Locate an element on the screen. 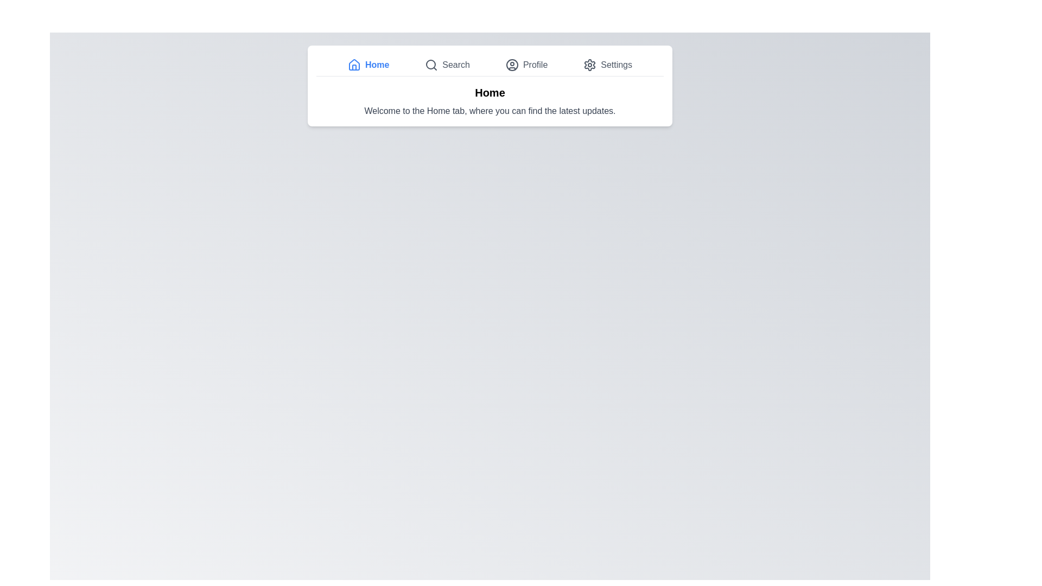 Image resolution: width=1042 pixels, height=586 pixels. the 'Settings' text element located in the top navigation bar, which is styled in gray and positioned to the right of a gear icon is located at coordinates (617, 65).